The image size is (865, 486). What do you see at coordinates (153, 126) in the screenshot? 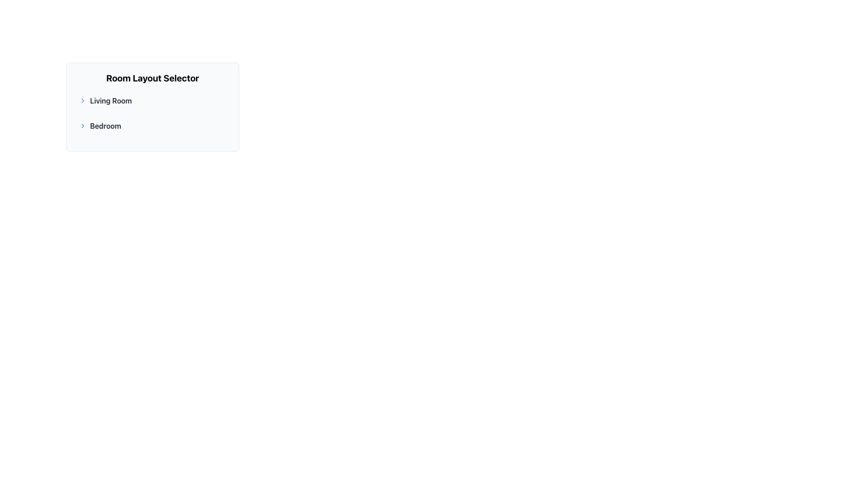
I see `the 'Bedroom' label located as the second item under the 'Room Layout Selector' section, directly below the 'Living Room' label by moving the cursor to it` at bounding box center [153, 126].